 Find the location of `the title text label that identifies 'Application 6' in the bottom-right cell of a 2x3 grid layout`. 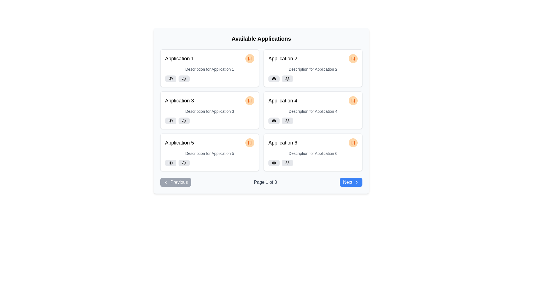

the title text label that identifies 'Application 6' in the bottom-right cell of a 2x3 grid layout is located at coordinates (283, 143).